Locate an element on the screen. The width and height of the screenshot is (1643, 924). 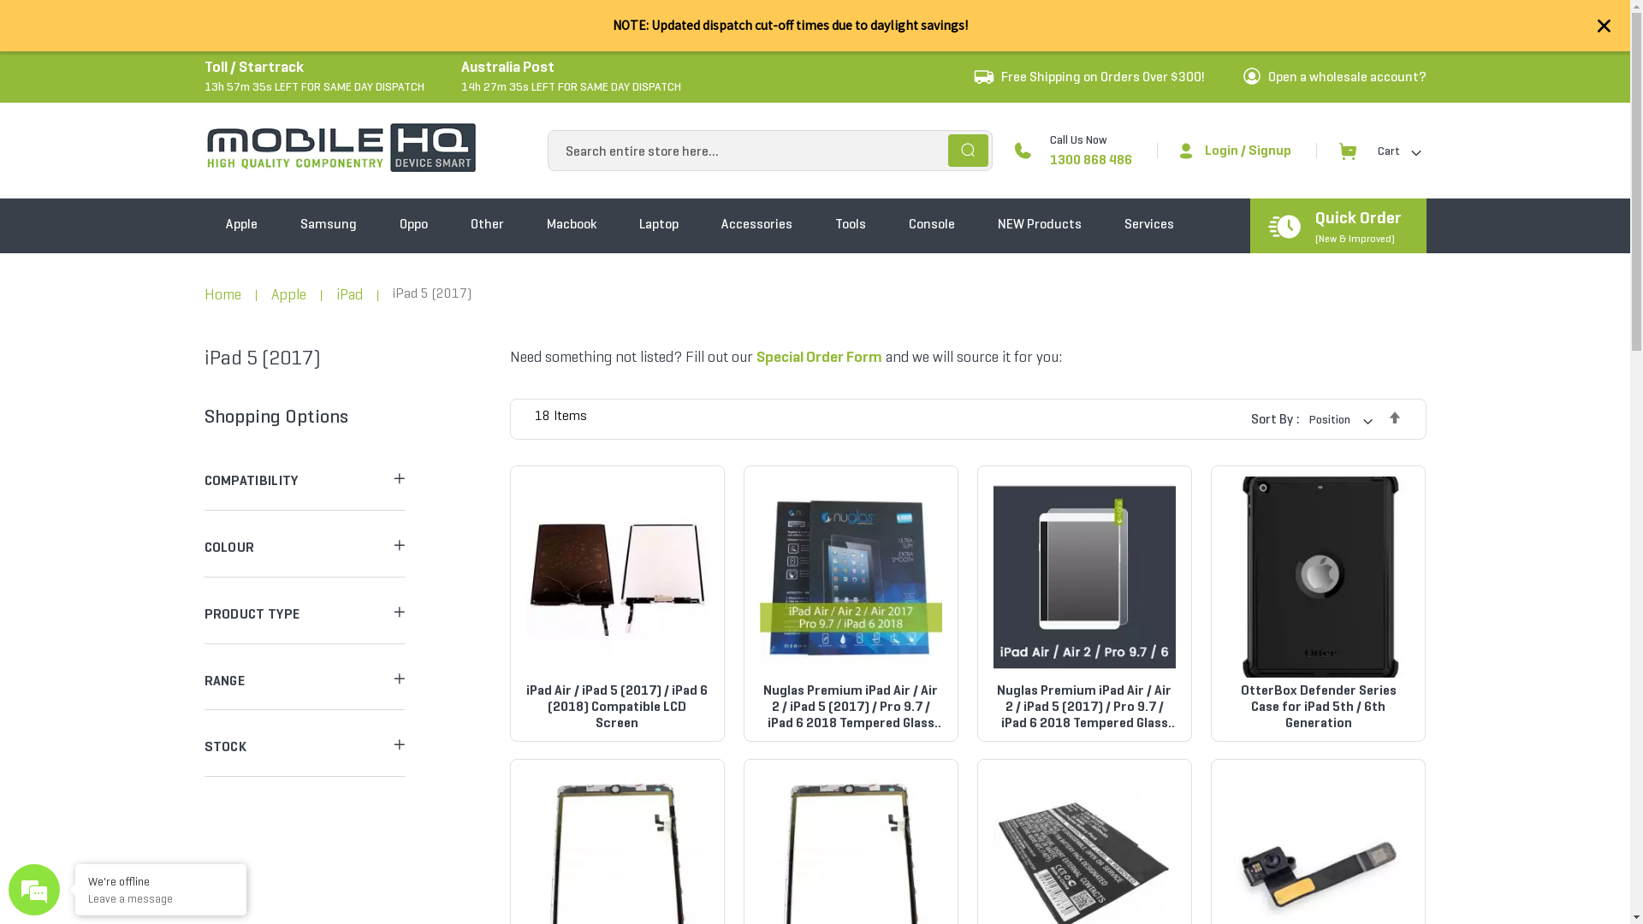
'Special Order Form' is located at coordinates (755, 355).